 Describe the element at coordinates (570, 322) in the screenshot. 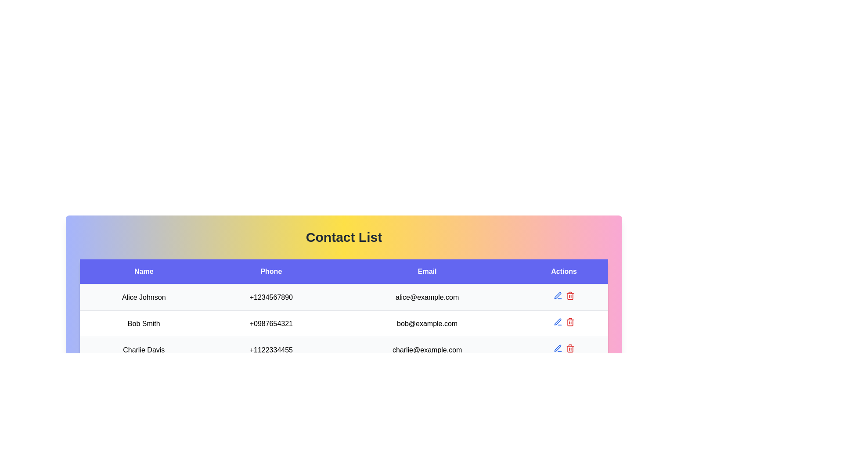

I see `the trash bin delete button in the 'Actions' column of the 'Contact List' table to change its color` at that location.